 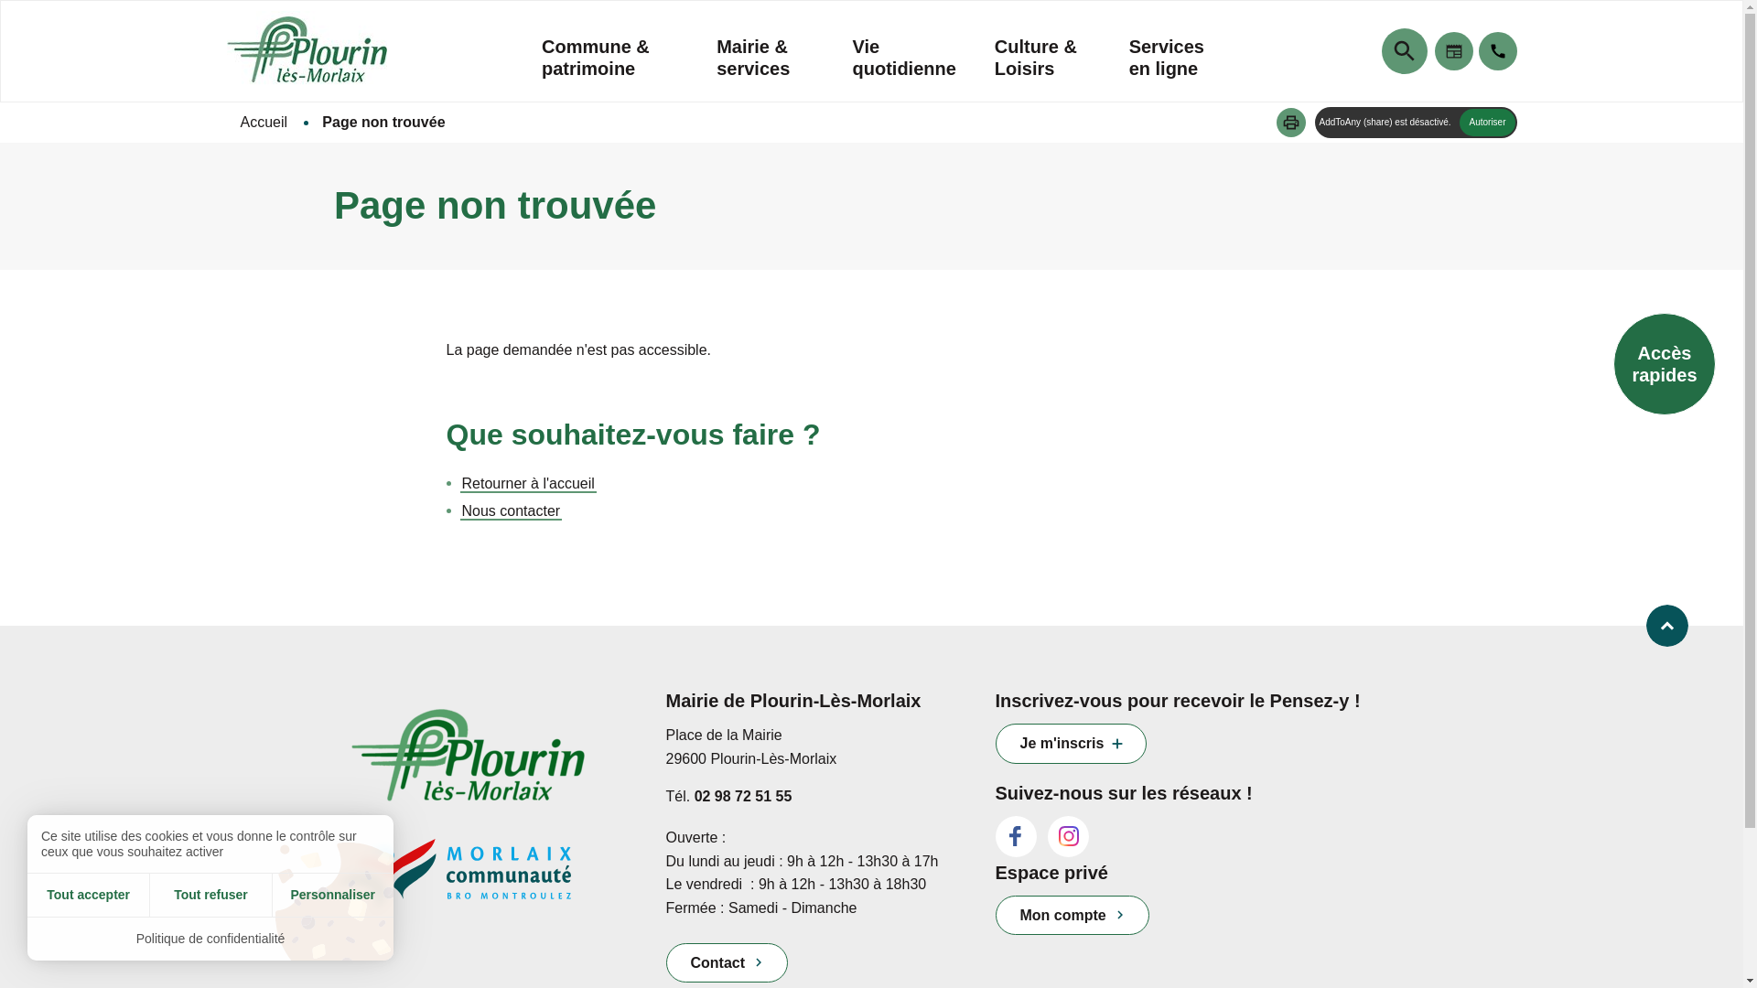 I want to click on 'Culture & Loisirs', so click(x=1042, y=68).